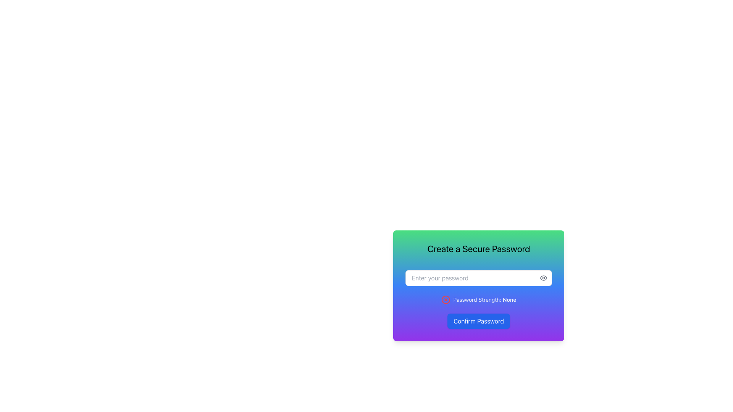  I want to click on the bold text label indicating 'None' within the password strength indicator, which is positioned to the right of 'Password Strength:', so click(509, 299).